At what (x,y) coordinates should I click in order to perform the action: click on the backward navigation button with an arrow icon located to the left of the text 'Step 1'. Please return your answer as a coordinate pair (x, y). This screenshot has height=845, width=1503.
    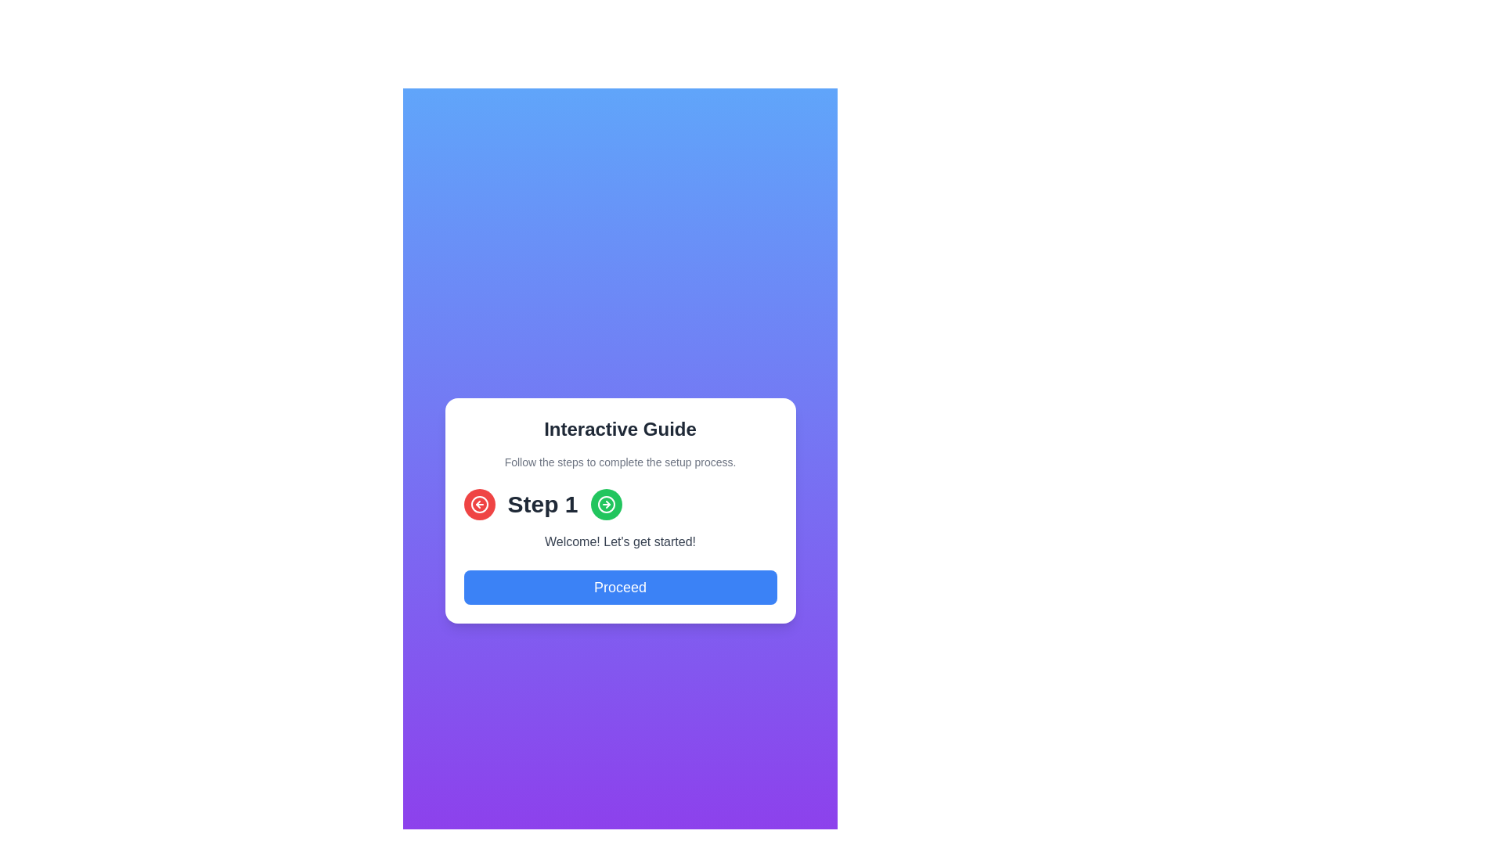
    Looking at the image, I should click on (478, 504).